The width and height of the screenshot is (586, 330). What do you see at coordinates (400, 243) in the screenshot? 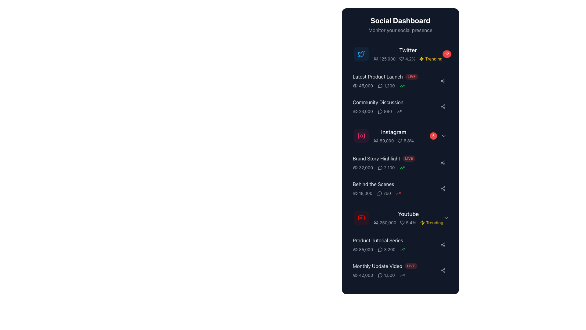
I see `the list item labeled 'Product Tutorial Series' that displays views and comments statistics in the 'Youtube' section of the 'Social Dashboard'` at bounding box center [400, 243].